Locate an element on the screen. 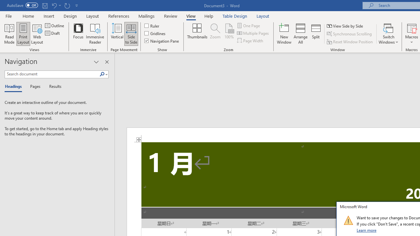  'Undo Increase Indent' is located at coordinates (54, 5).